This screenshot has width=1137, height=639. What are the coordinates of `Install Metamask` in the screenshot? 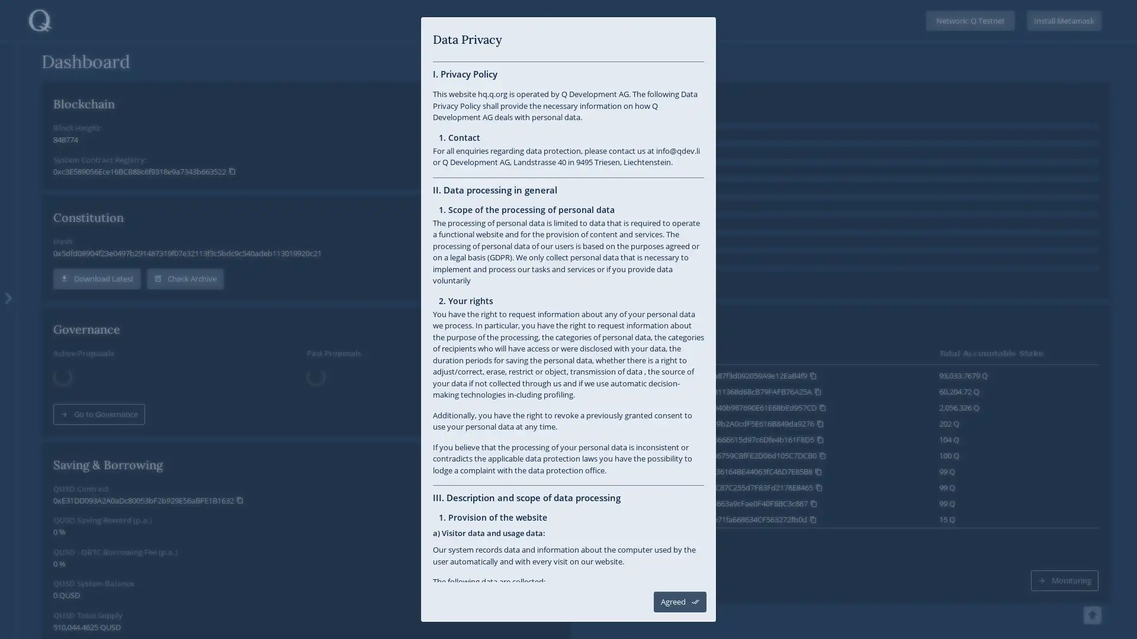 It's located at (1064, 20).